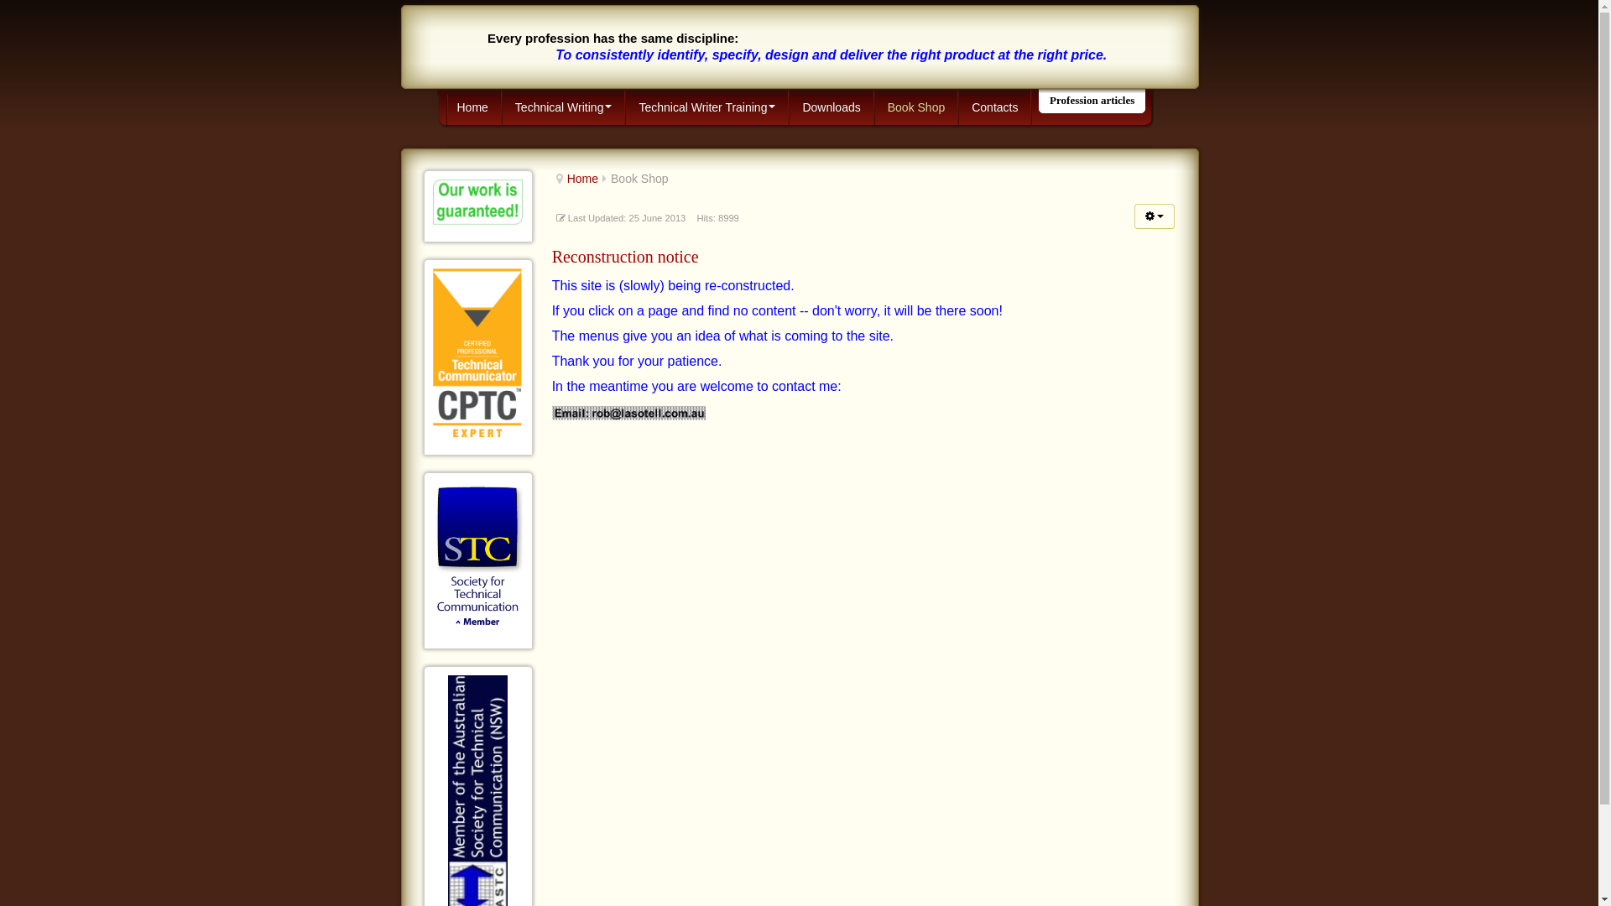  What do you see at coordinates (624, 107) in the screenshot?
I see `'Technical Writer Training'` at bounding box center [624, 107].